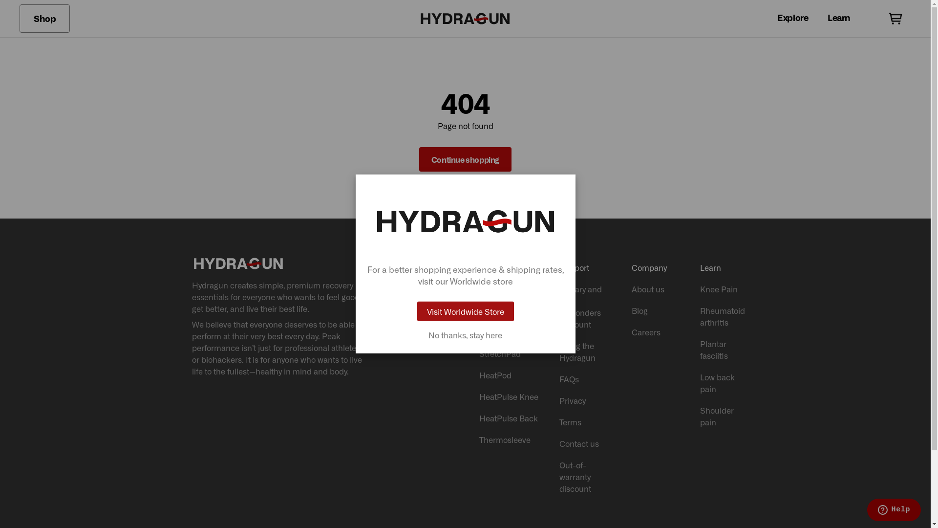 This screenshot has width=938, height=528. I want to click on 'About us', so click(656, 288).